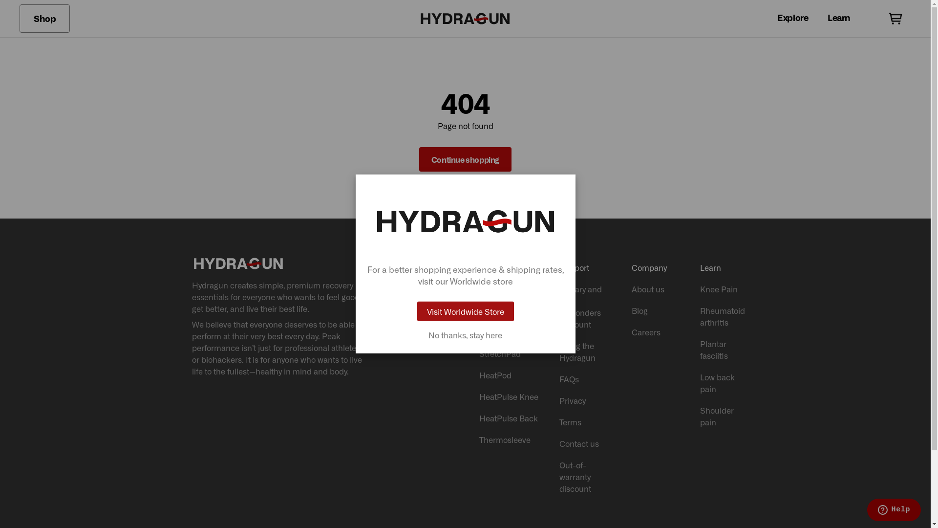 This screenshot has width=938, height=528. I want to click on 'About us', so click(656, 288).